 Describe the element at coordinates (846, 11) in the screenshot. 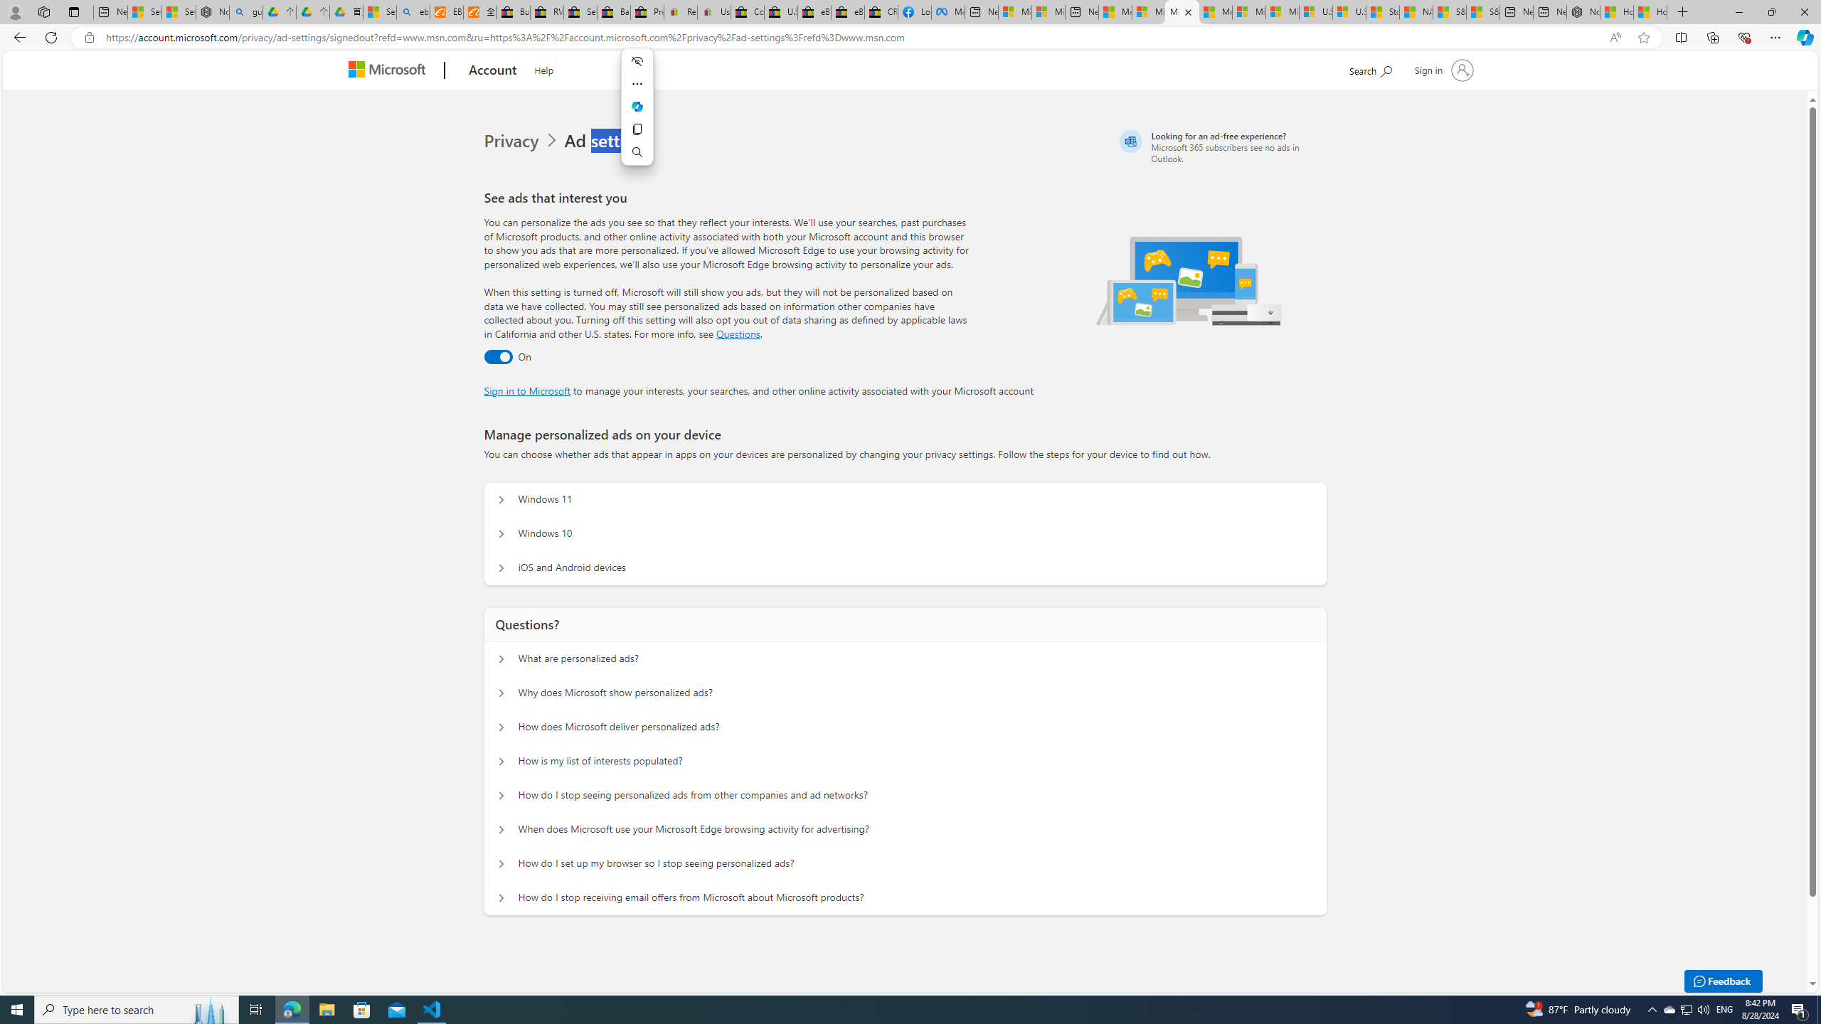

I see `'eBay Inc. Reports Third Quarter 2023 Results'` at that location.